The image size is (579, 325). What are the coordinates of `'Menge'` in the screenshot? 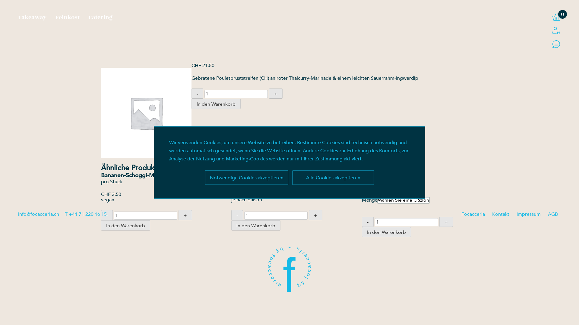 It's located at (407, 222).